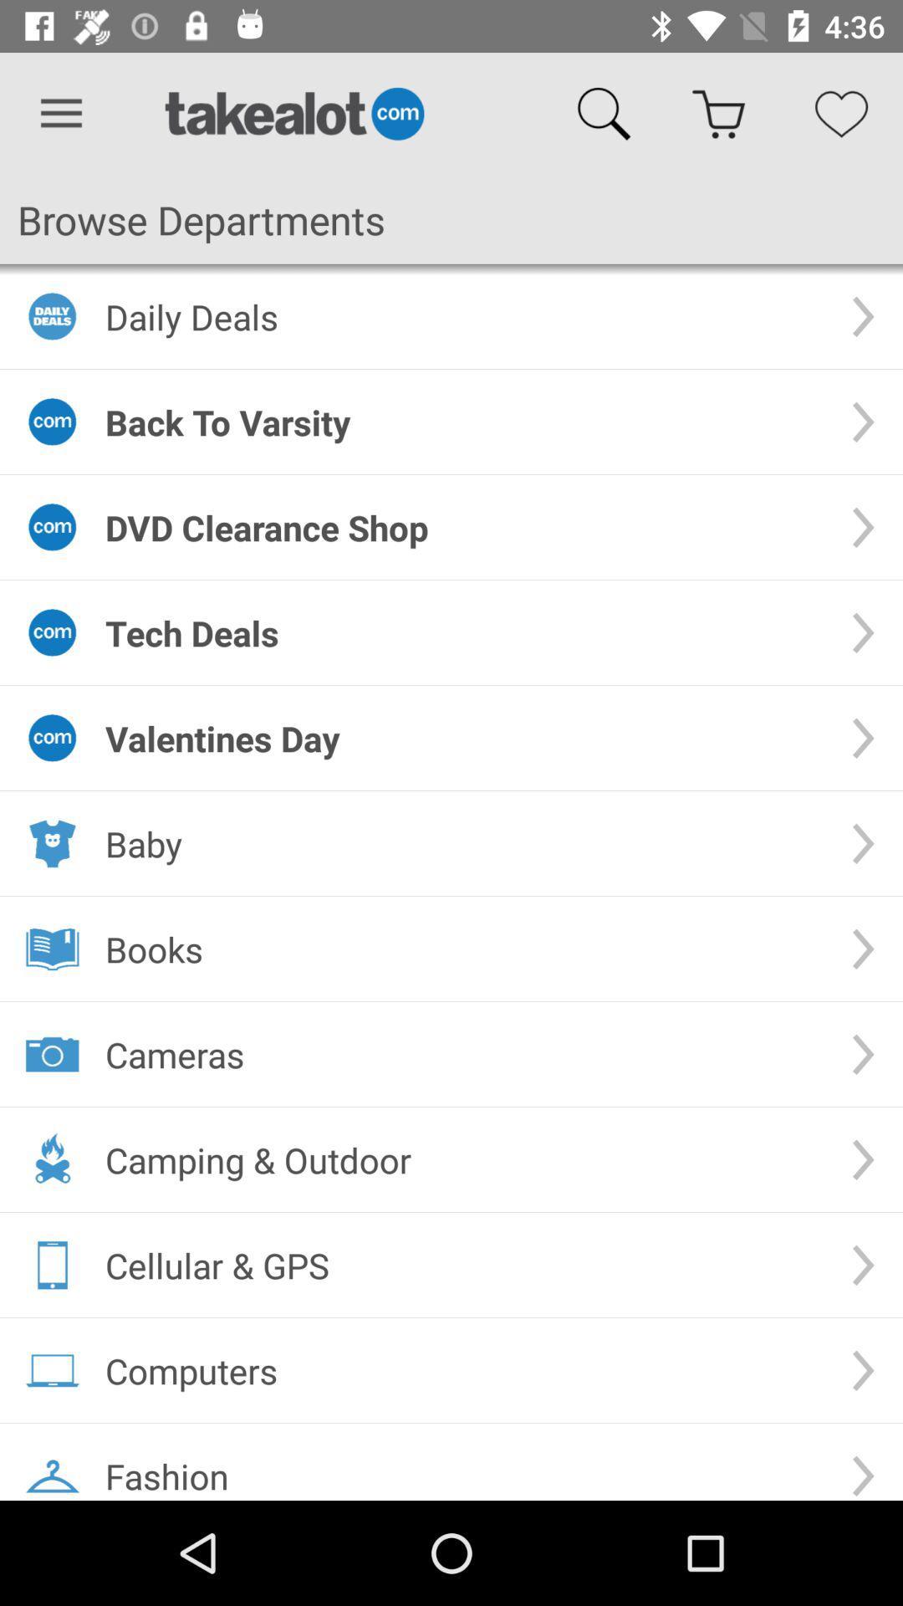  I want to click on the icon above tech deals, so click(464, 526).